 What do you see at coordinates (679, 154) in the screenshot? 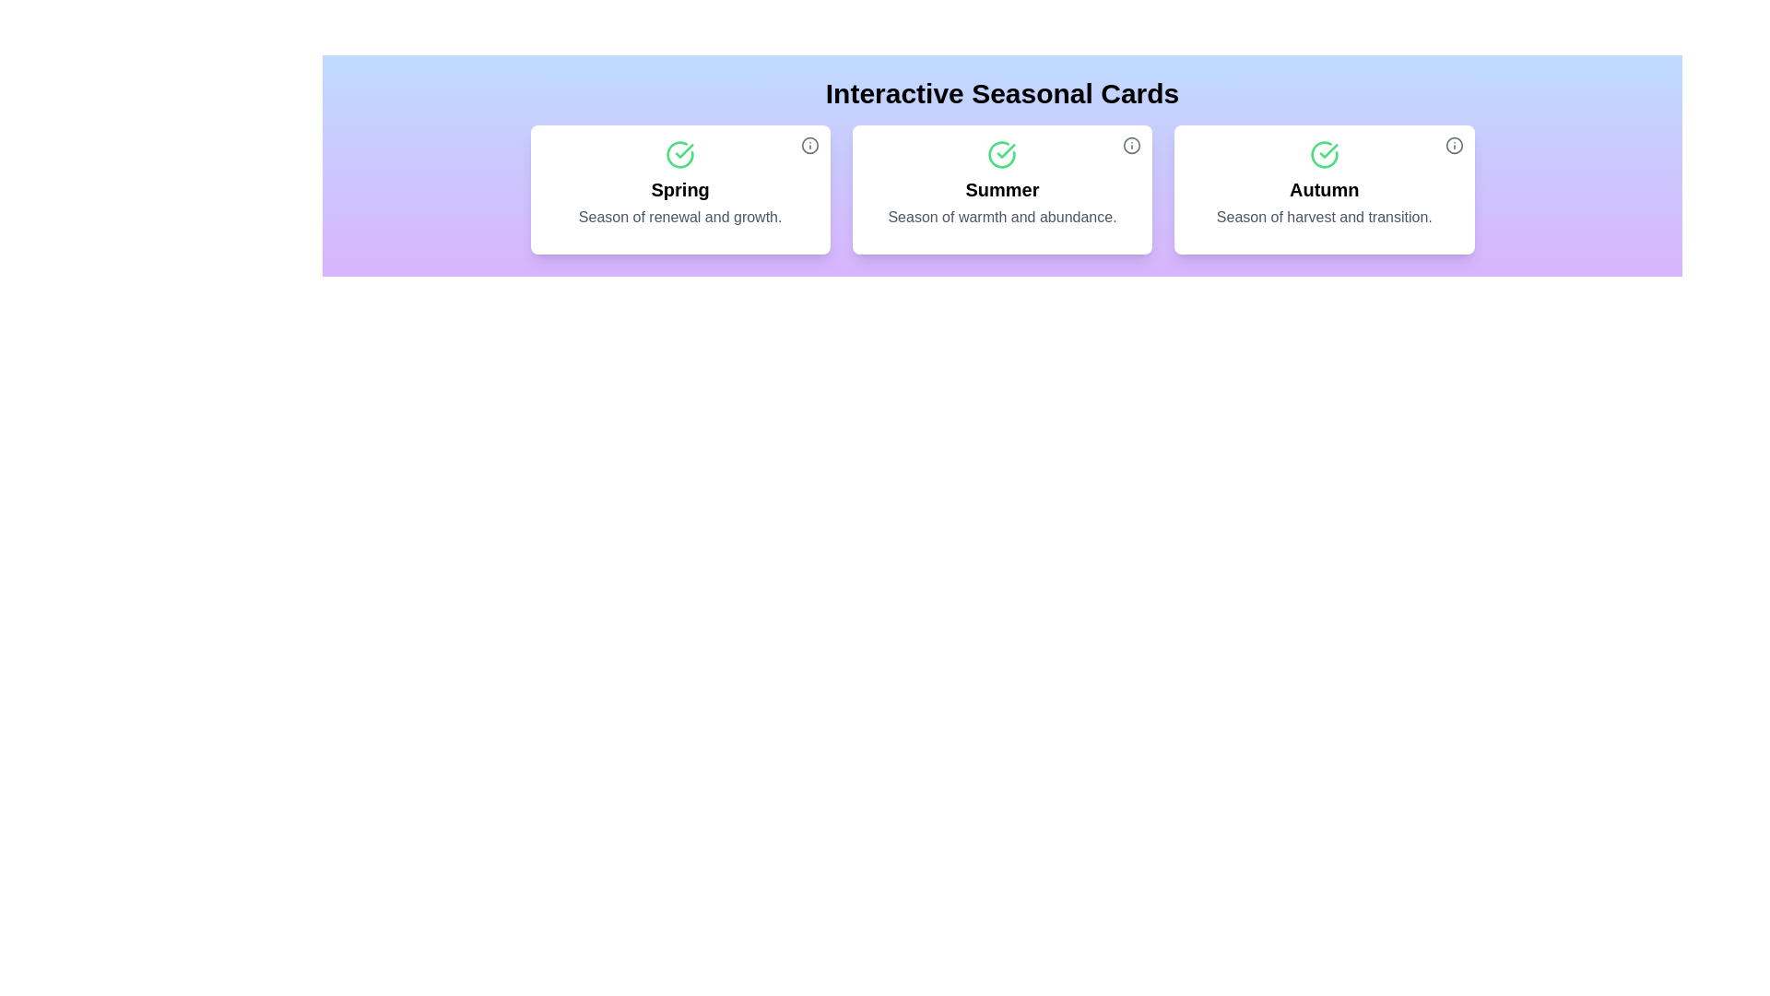
I see `the positive status icon related to the 'Spring' context, located above the 'Spring' label` at bounding box center [679, 154].